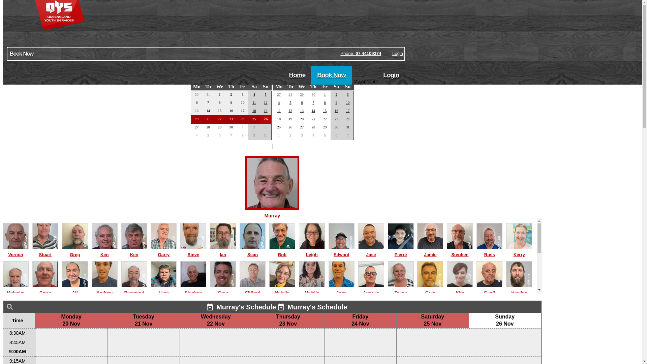 The width and height of the screenshot is (647, 364). I want to click on 'Liam', so click(163, 289).